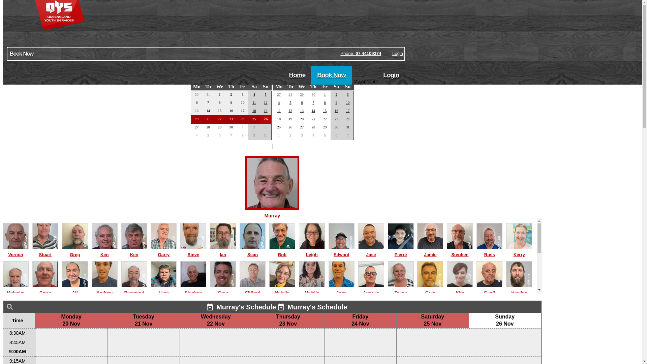 The width and height of the screenshot is (647, 364). I want to click on 'Liam', so click(163, 289).